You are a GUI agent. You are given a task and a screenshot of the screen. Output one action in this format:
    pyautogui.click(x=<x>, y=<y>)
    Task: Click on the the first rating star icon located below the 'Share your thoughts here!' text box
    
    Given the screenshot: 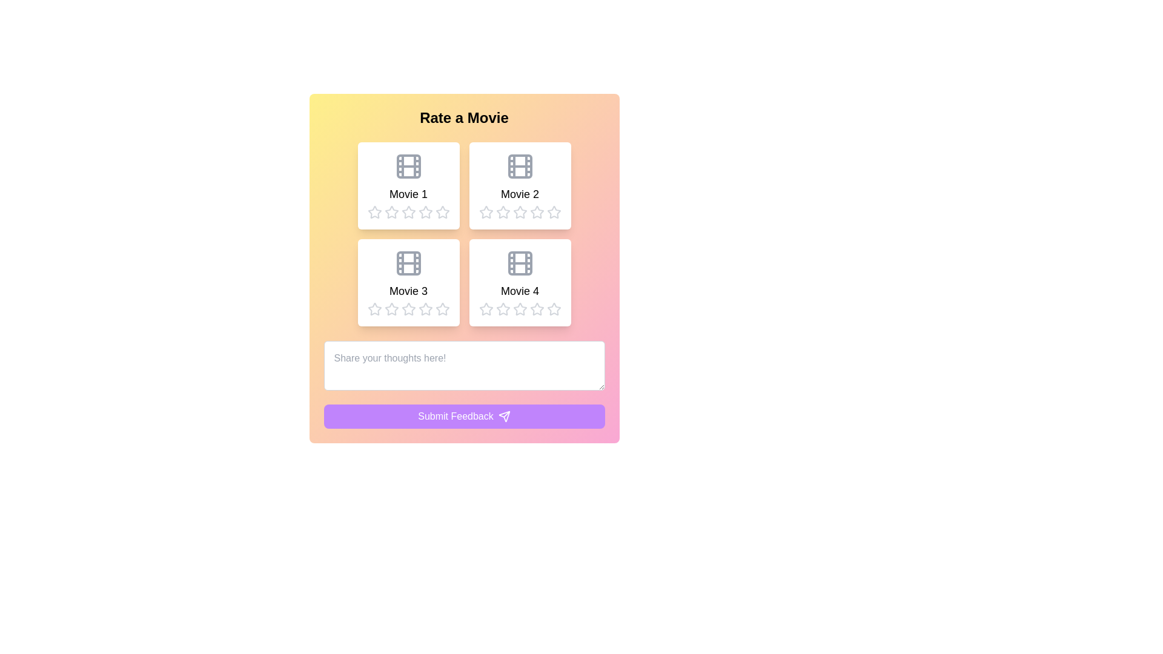 What is the action you would take?
    pyautogui.click(x=486, y=308)
    